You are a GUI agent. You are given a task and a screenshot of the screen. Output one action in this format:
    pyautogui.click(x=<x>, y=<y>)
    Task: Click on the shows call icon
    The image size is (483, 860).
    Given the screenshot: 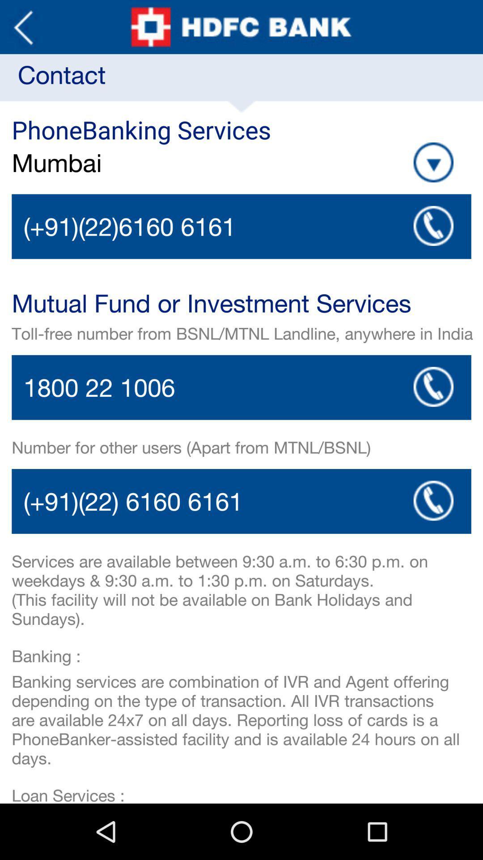 What is the action you would take?
    pyautogui.click(x=433, y=500)
    